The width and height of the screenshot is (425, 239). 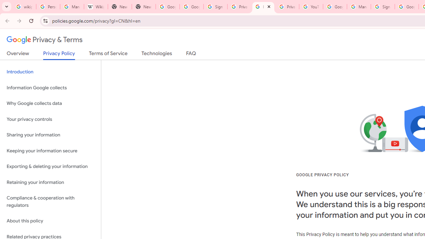 I want to click on 'Privacy Policy', so click(x=59, y=55).